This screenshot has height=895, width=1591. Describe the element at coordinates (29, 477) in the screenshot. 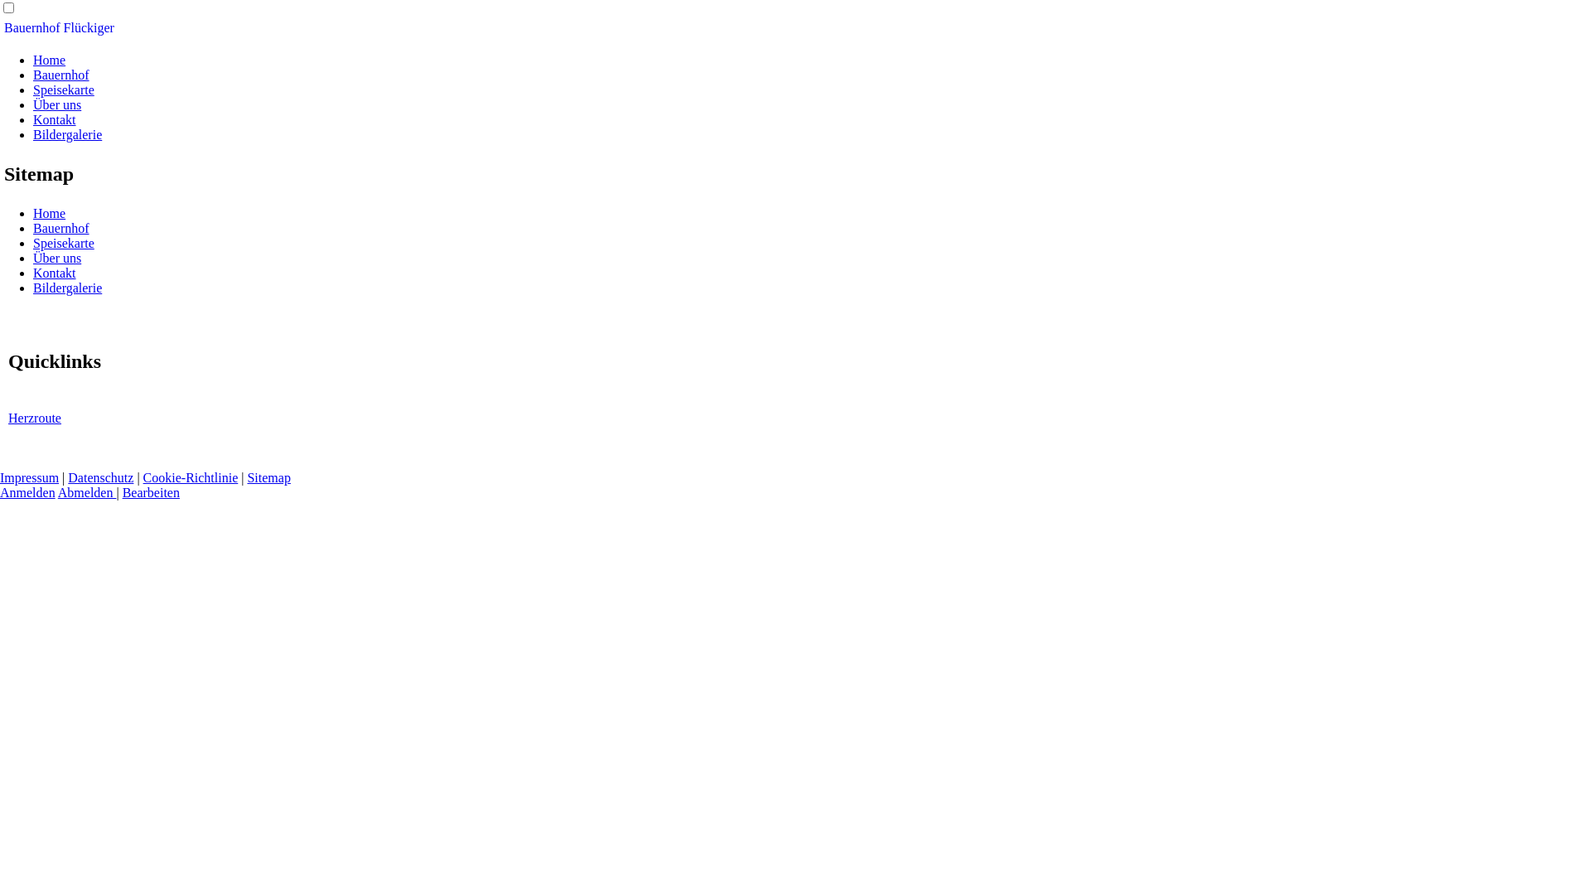

I see `'Impressum'` at that location.